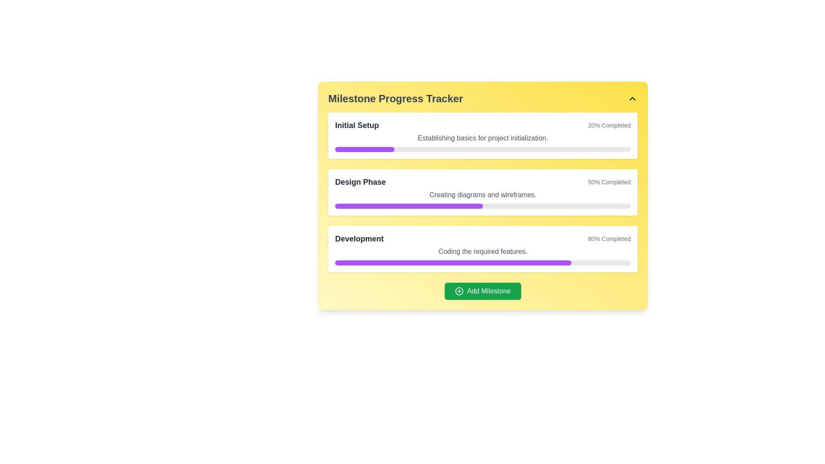  Describe the element at coordinates (483, 137) in the screenshot. I see `the text block that reads 'Establishing basics for project initialization.' located beneath the header 'Initial Setup' and above the progress bar` at that location.